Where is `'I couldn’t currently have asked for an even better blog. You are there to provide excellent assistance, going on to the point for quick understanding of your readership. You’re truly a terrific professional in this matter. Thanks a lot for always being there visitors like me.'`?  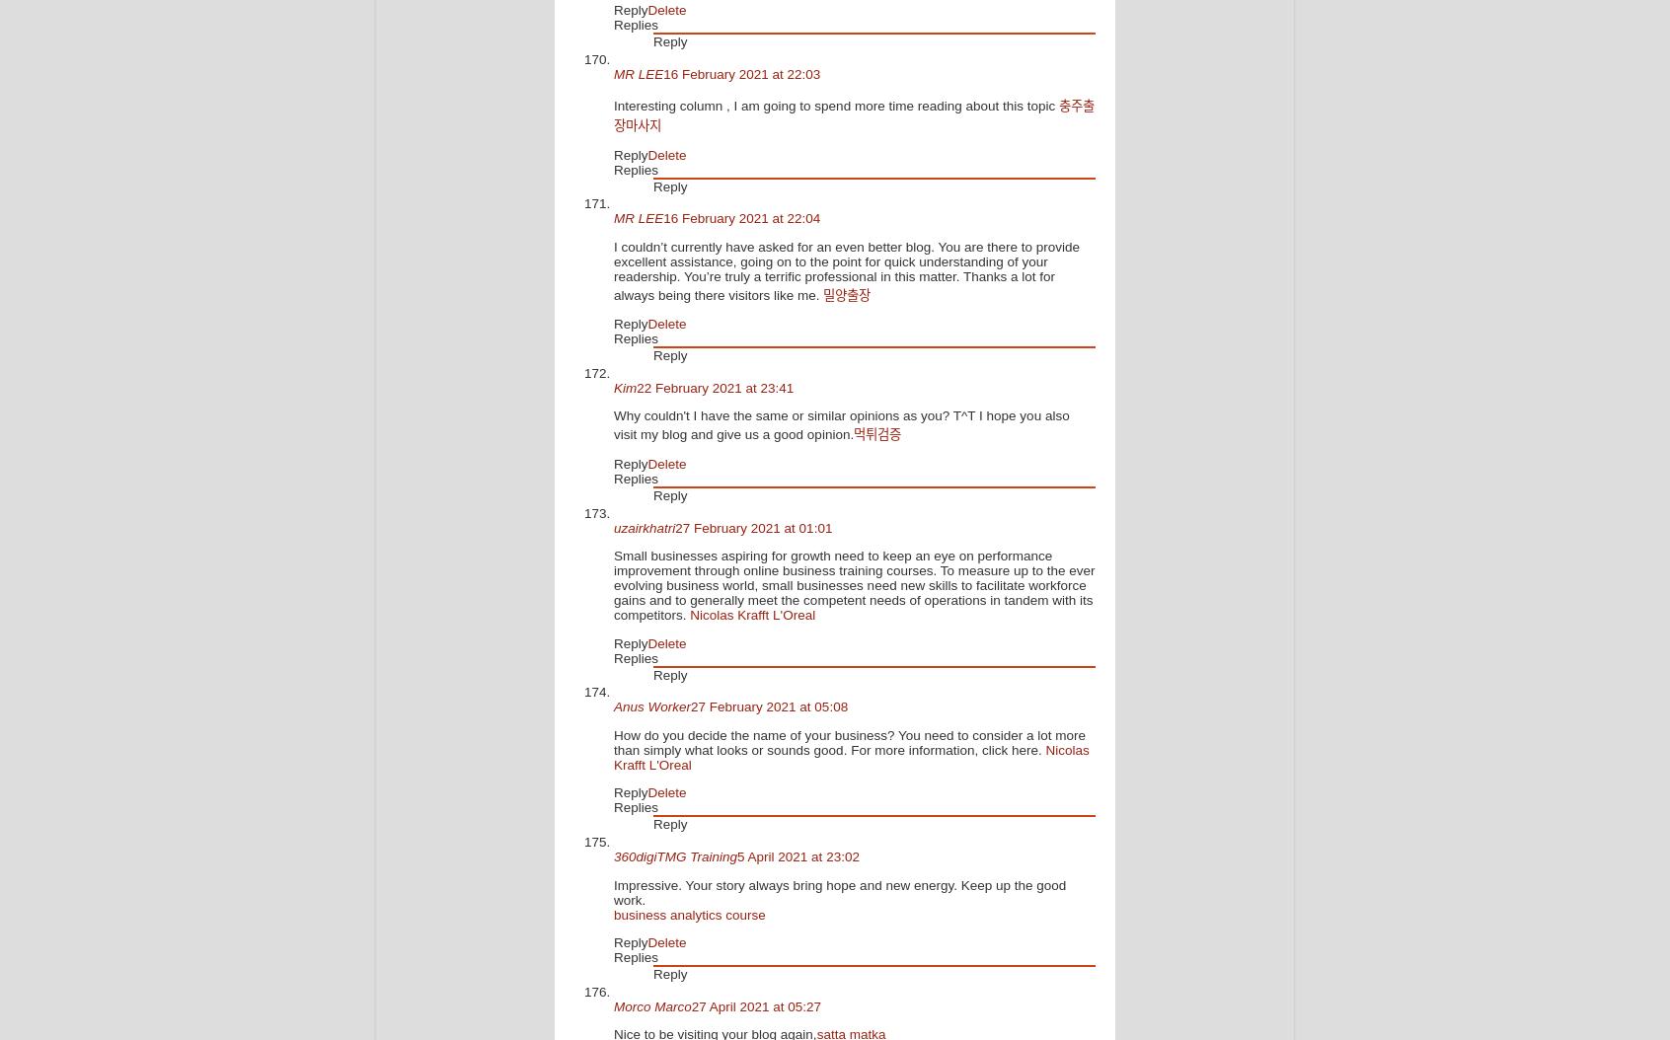 'I couldn’t currently have asked for an even better blog. You are there to provide excellent assistance, going on to the point for quick understanding of your readership. You’re truly a terrific professional in this matter. Thanks a lot for always being there visitors like me.' is located at coordinates (846, 269).